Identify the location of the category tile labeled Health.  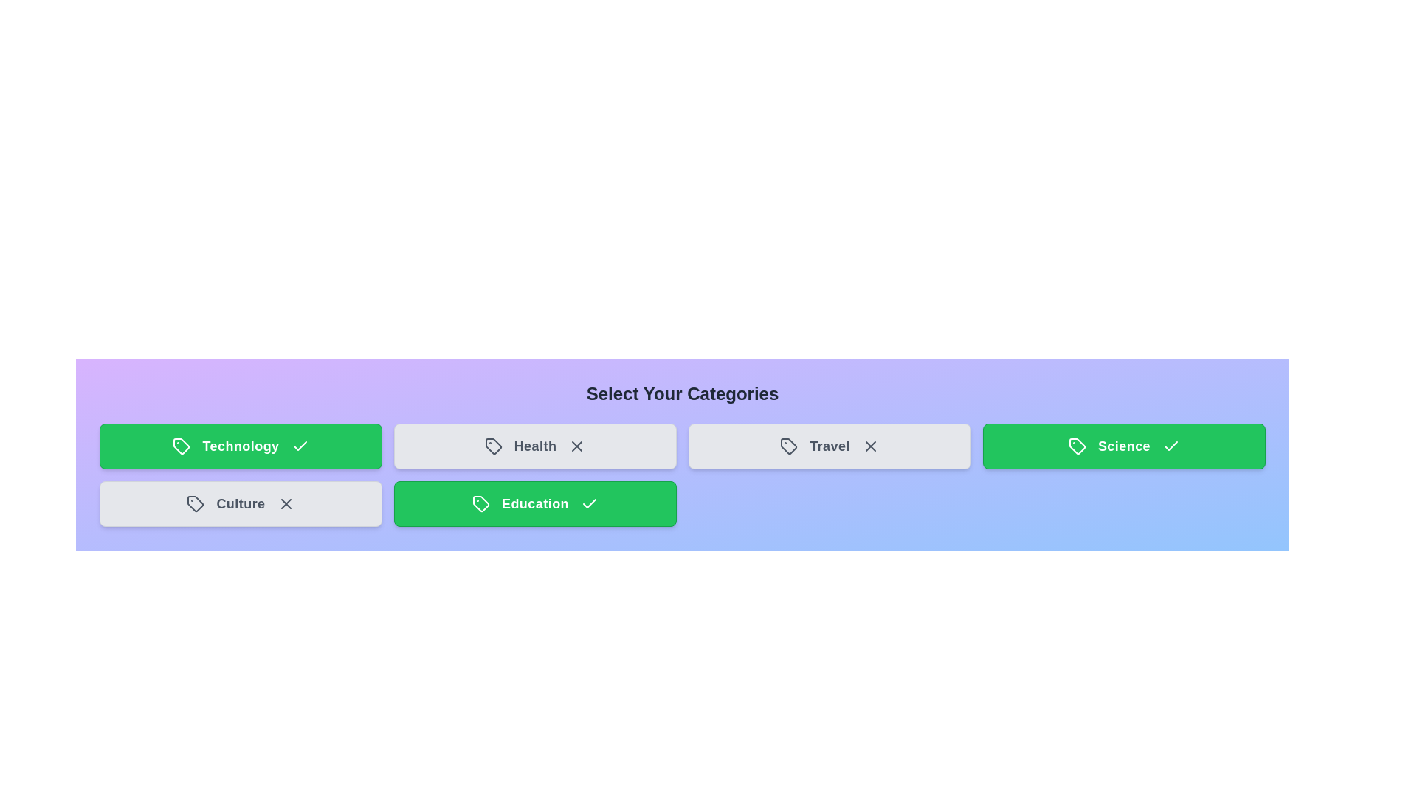
(534, 446).